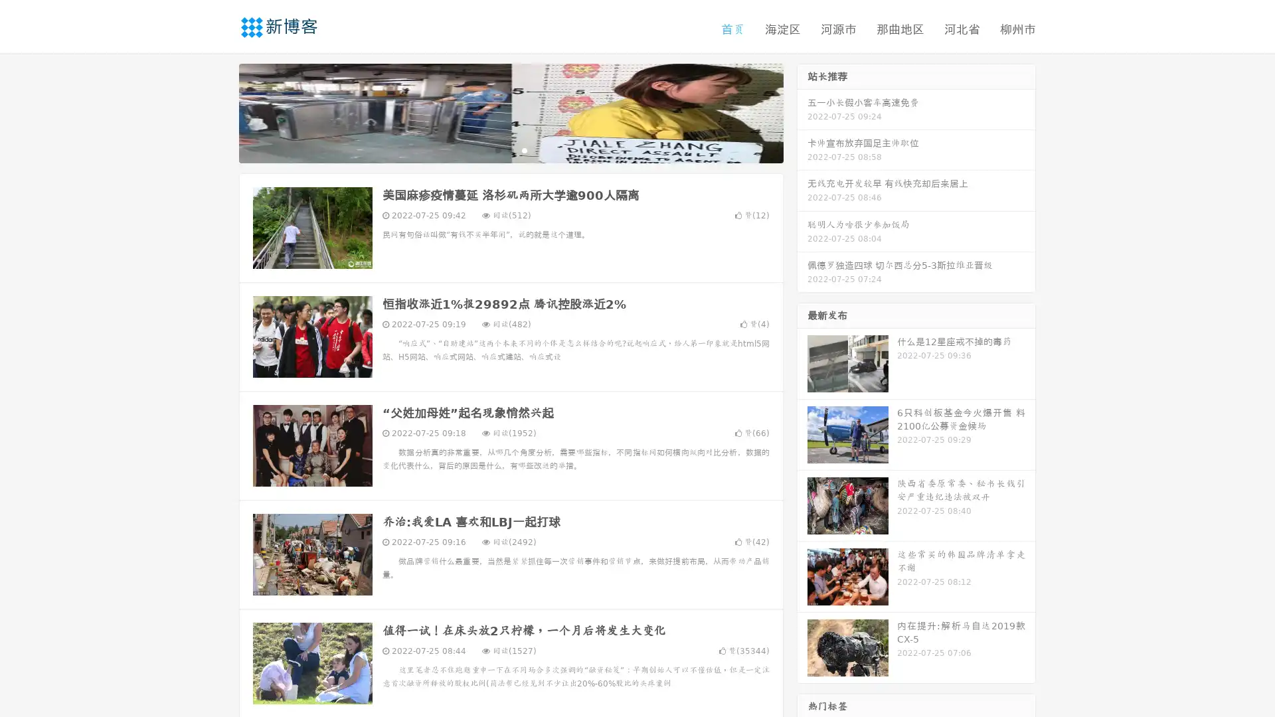  I want to click on Previous slide, so click(219, 112).